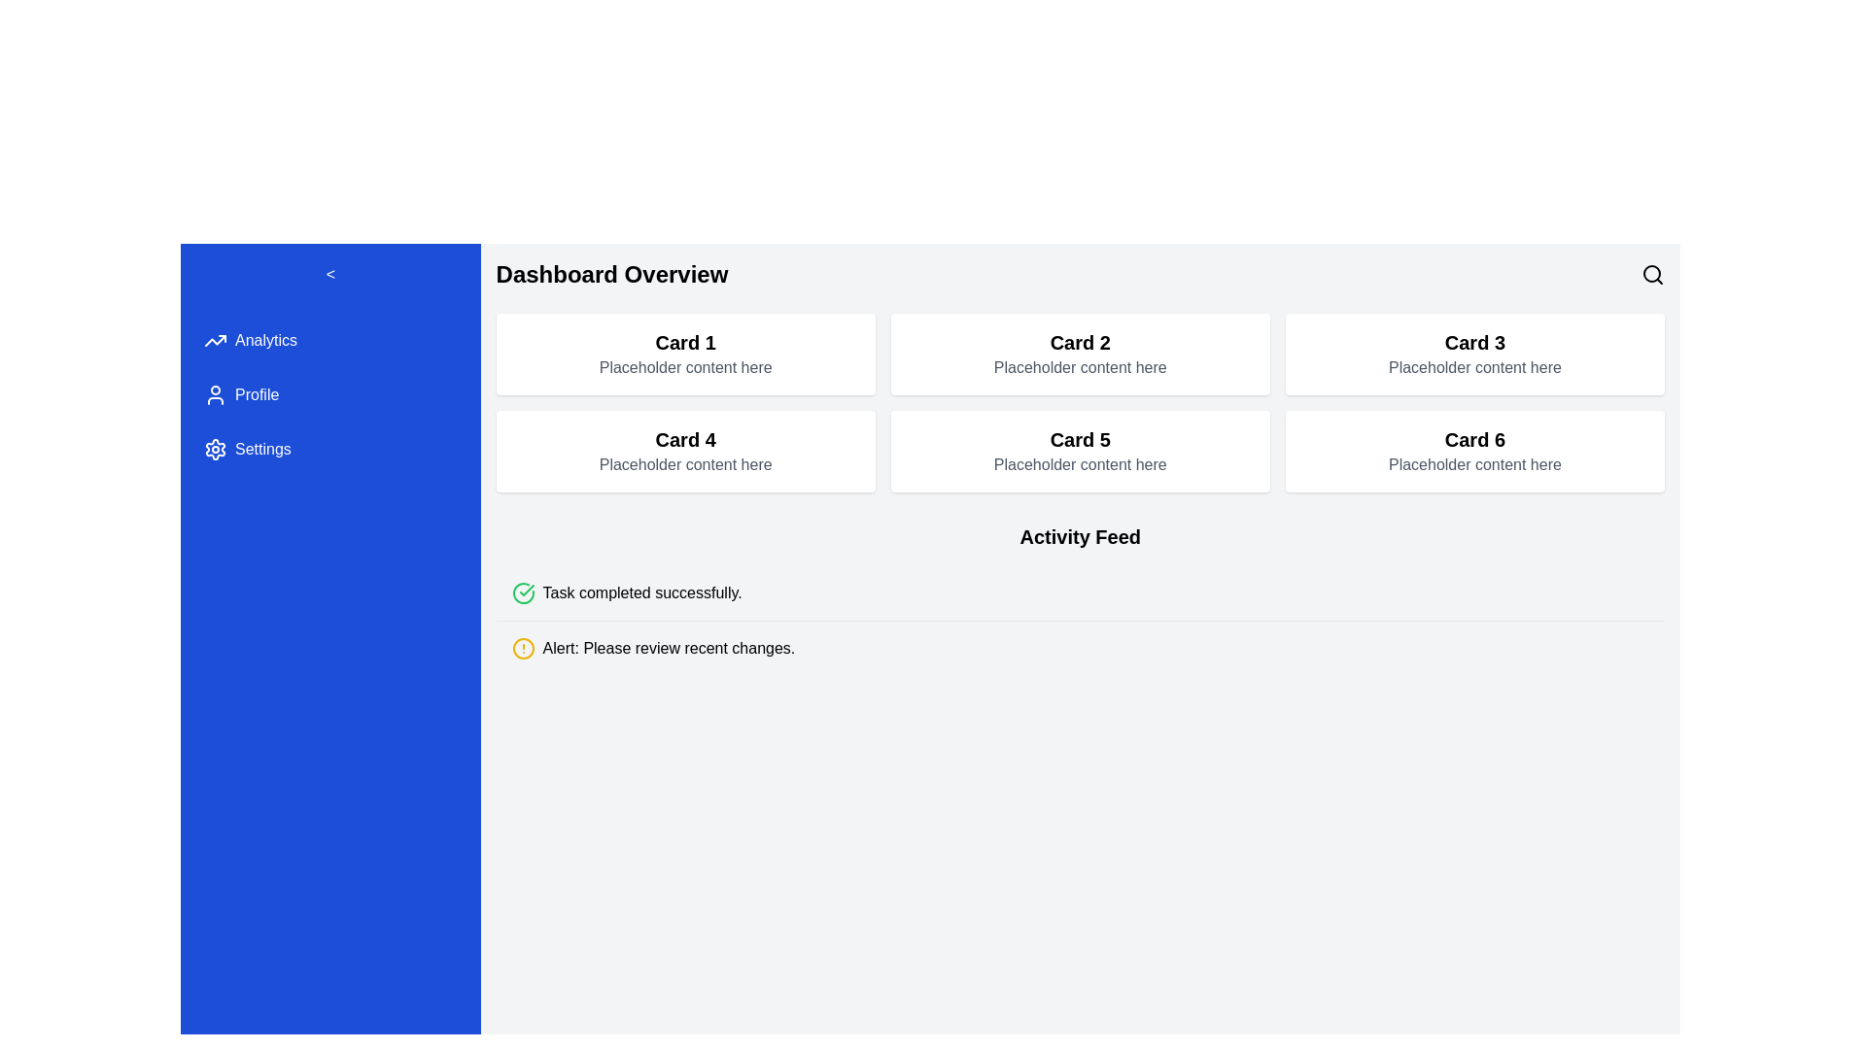  I want to click on the descriptive text content within 'Card 6', located in the bottom right of the grid, positioned below the text 'Card 6', so click(1474, 464).